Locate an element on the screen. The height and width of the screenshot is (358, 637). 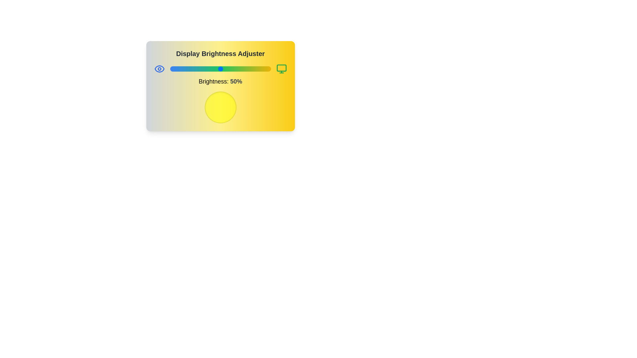
the brightness to 97% is located at coordinates (268, 69).